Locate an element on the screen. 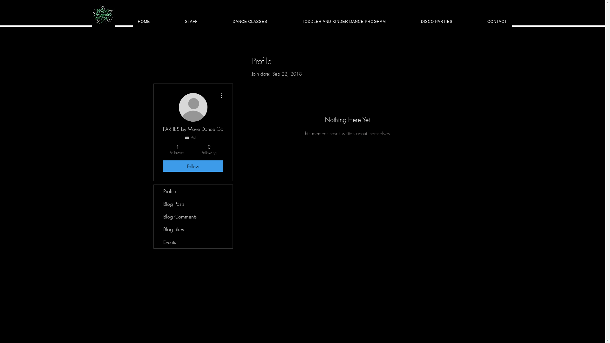 This screenshot has width=610, height=343. 'Blog Posts' is located at coordinates (193, 204).